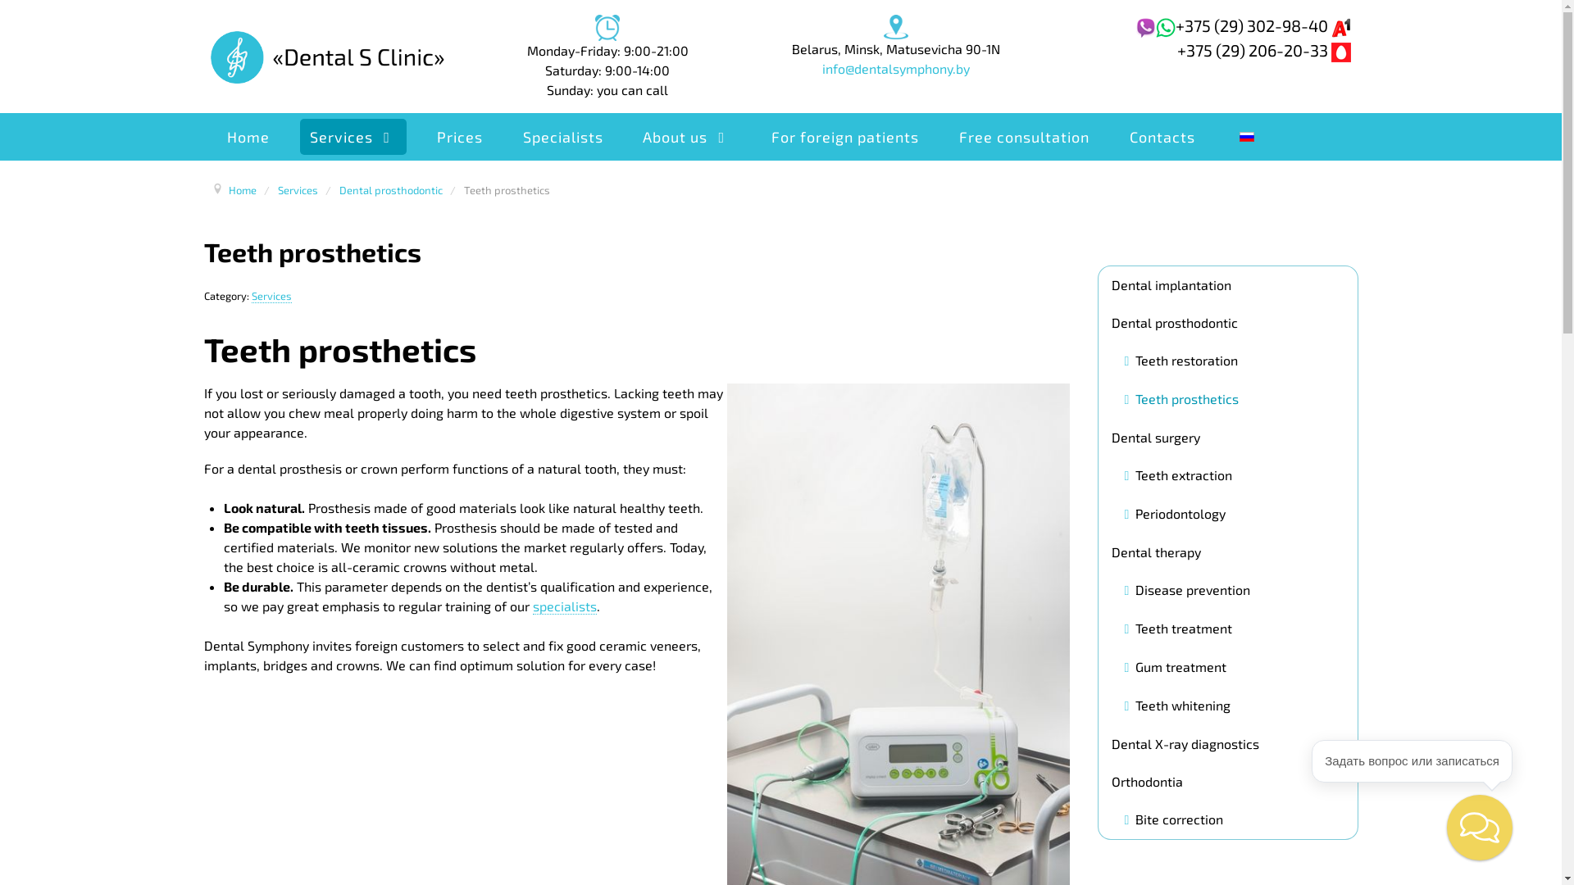  I want to click on 'Teeth whitening', so click(1176, 705).